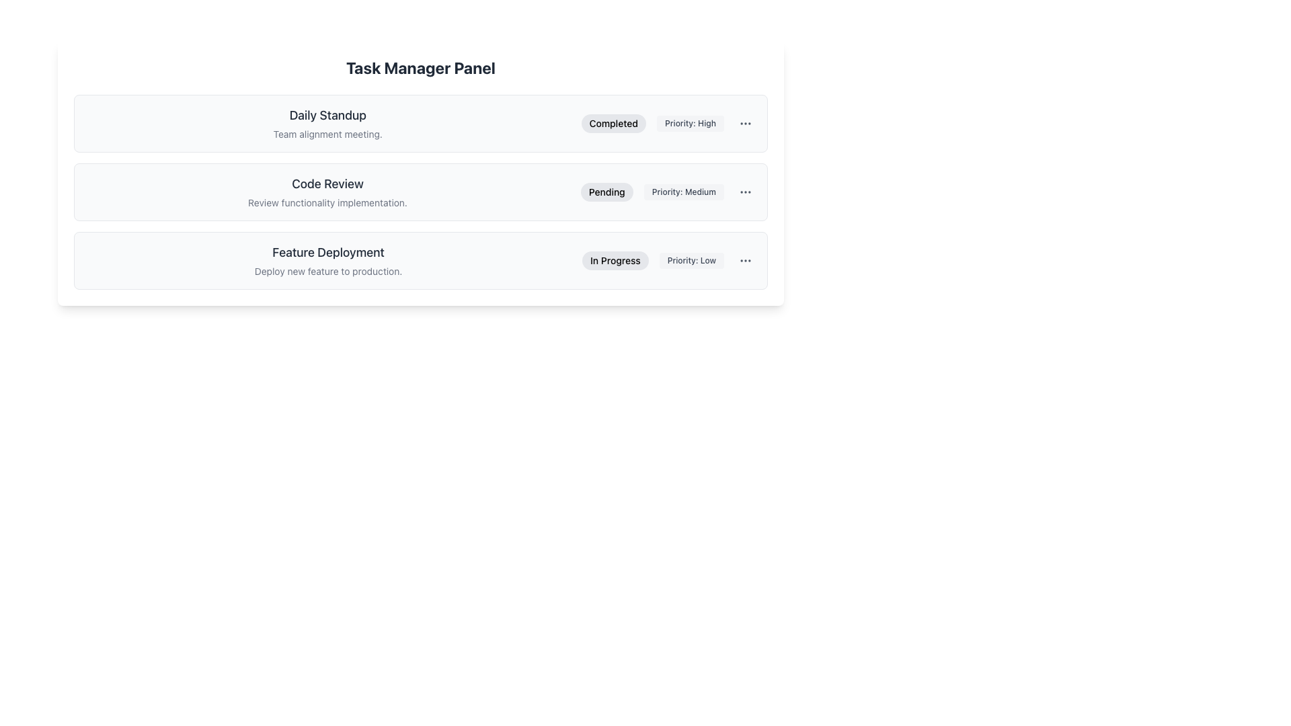 Image resolution: width=1291 pixels, height=726 pixels. What do you see at coordinates (744, 124) in the screenshot?
I see `the Ellipsis menu icon located at the far right of the first task entry` at bounding box center [744, 124].